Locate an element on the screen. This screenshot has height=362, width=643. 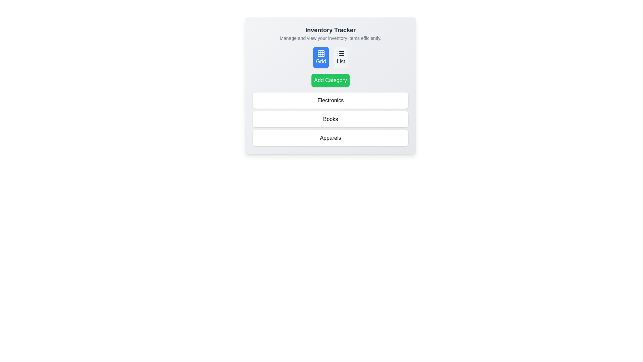
the 'List' view icon located at the top-right next to the 'Grid' icon is located at coordinates (341, 53).